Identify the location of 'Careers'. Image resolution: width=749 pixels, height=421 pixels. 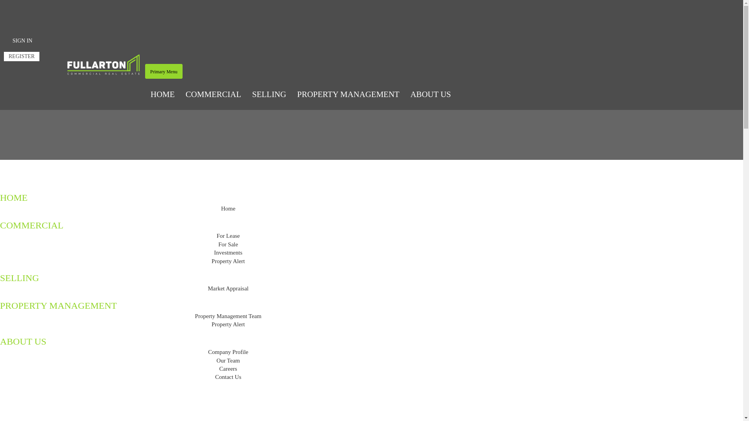
(228, 368).